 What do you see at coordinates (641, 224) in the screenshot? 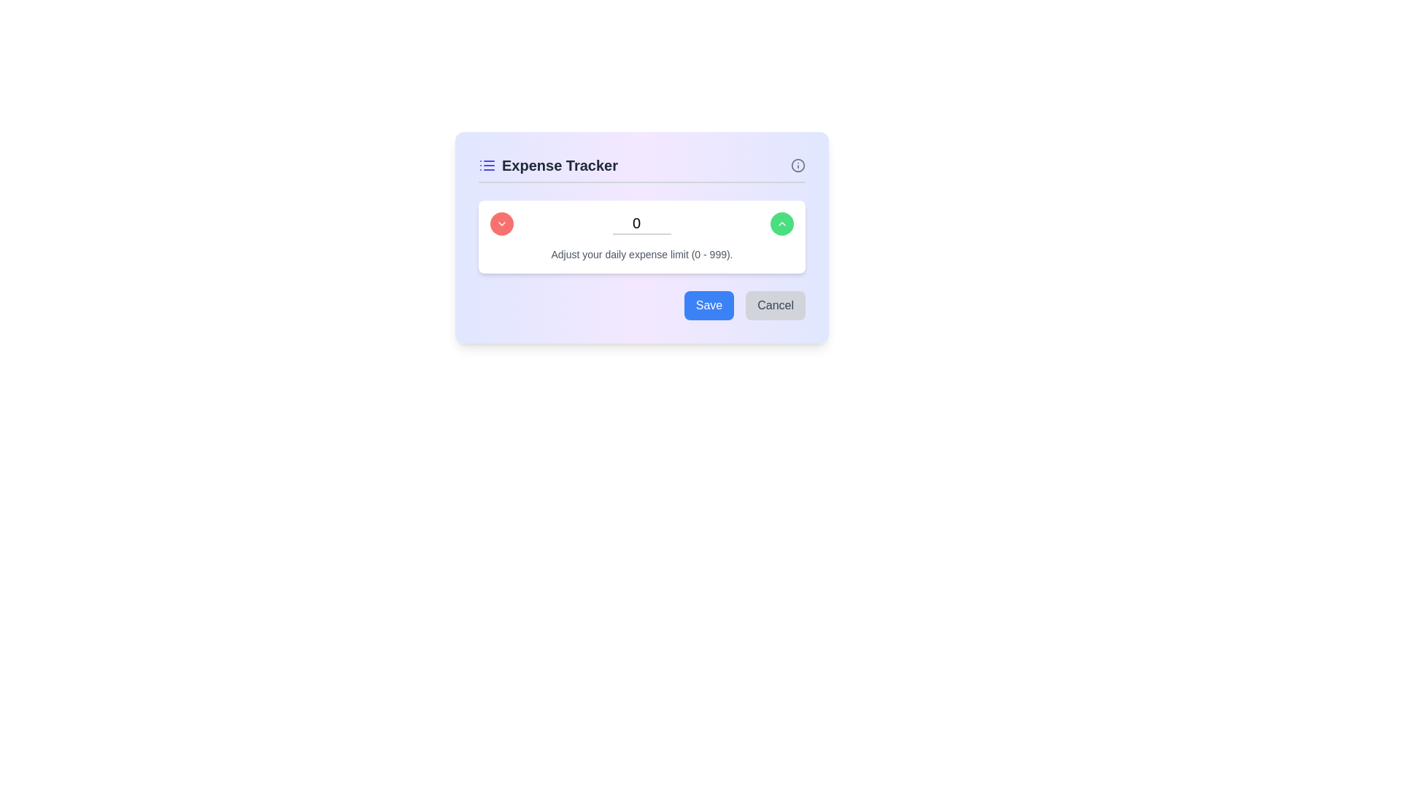
I see `the numeric input field to focus on it, which is centrally located between a red downward-facing arrow button and a green upward-facing arrow button` at bounding box center [641, 224].